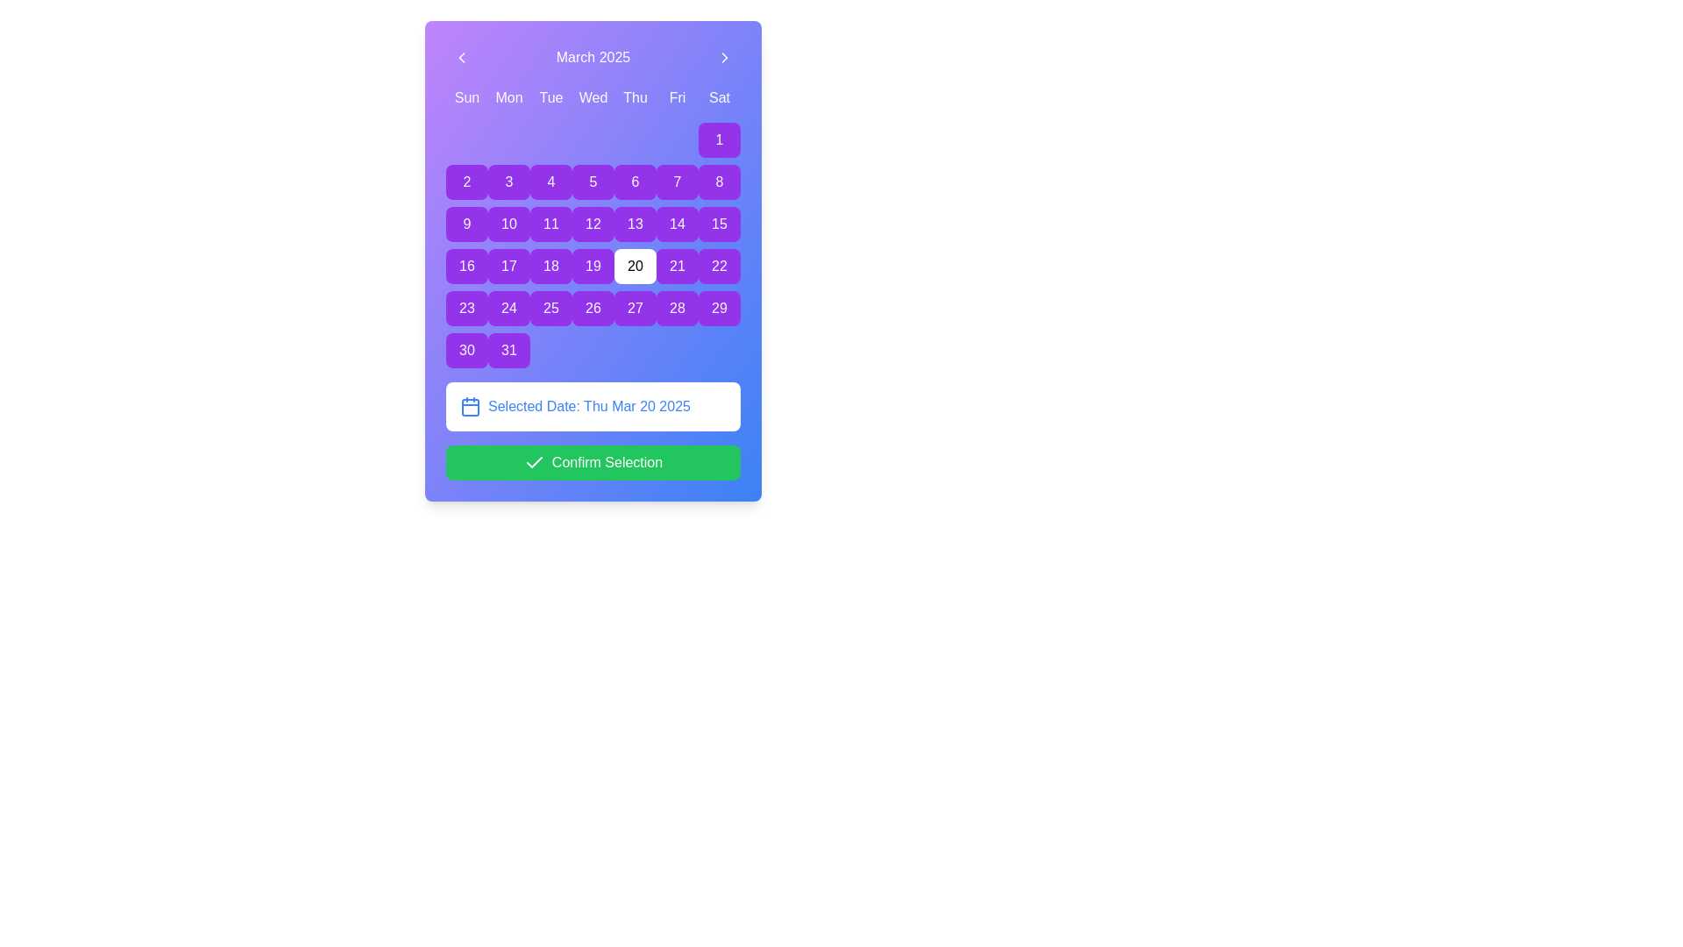 This screenshot has width=1683, height=947. Describe the element at coordinates (593, 223) in the screenshot. I see `the button with the number '12' displayed in white text and a purple background, located in the third row, fourth column of the grid` at that location.